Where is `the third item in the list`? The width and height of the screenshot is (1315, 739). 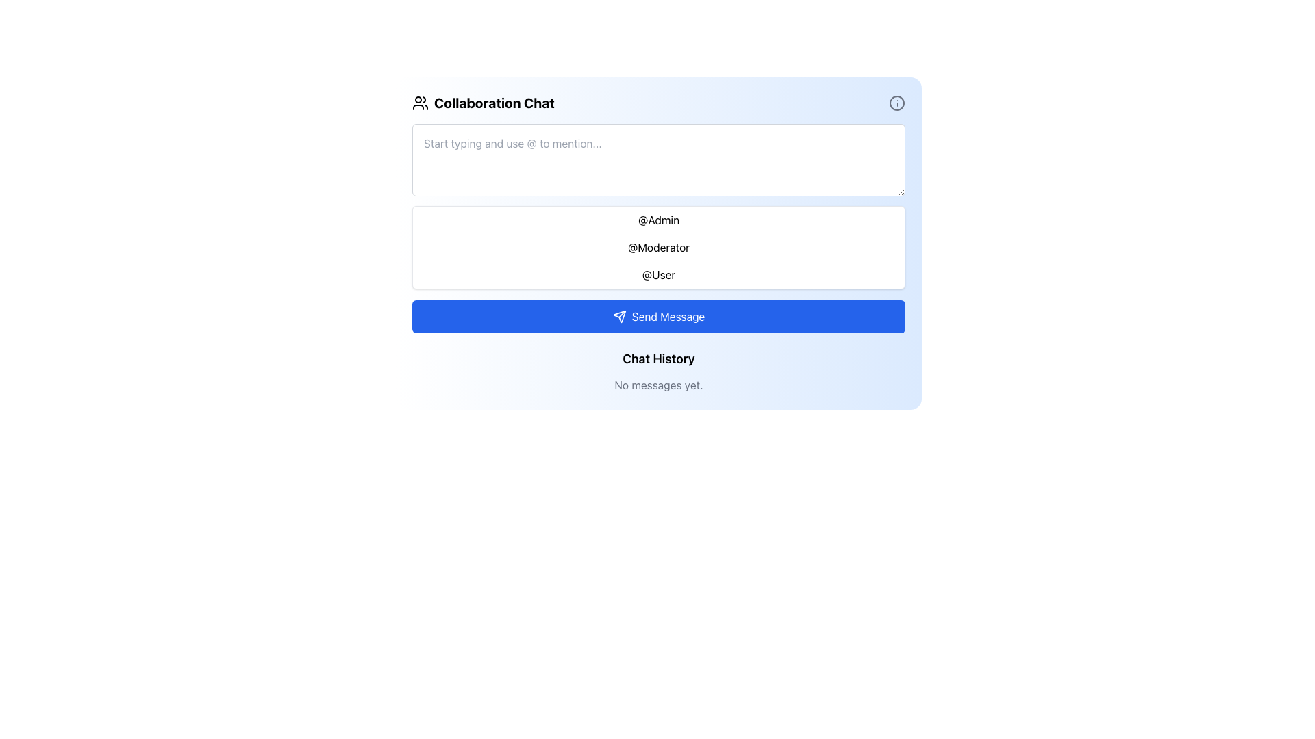
the third item in the list is located at coordinates (658, 274).